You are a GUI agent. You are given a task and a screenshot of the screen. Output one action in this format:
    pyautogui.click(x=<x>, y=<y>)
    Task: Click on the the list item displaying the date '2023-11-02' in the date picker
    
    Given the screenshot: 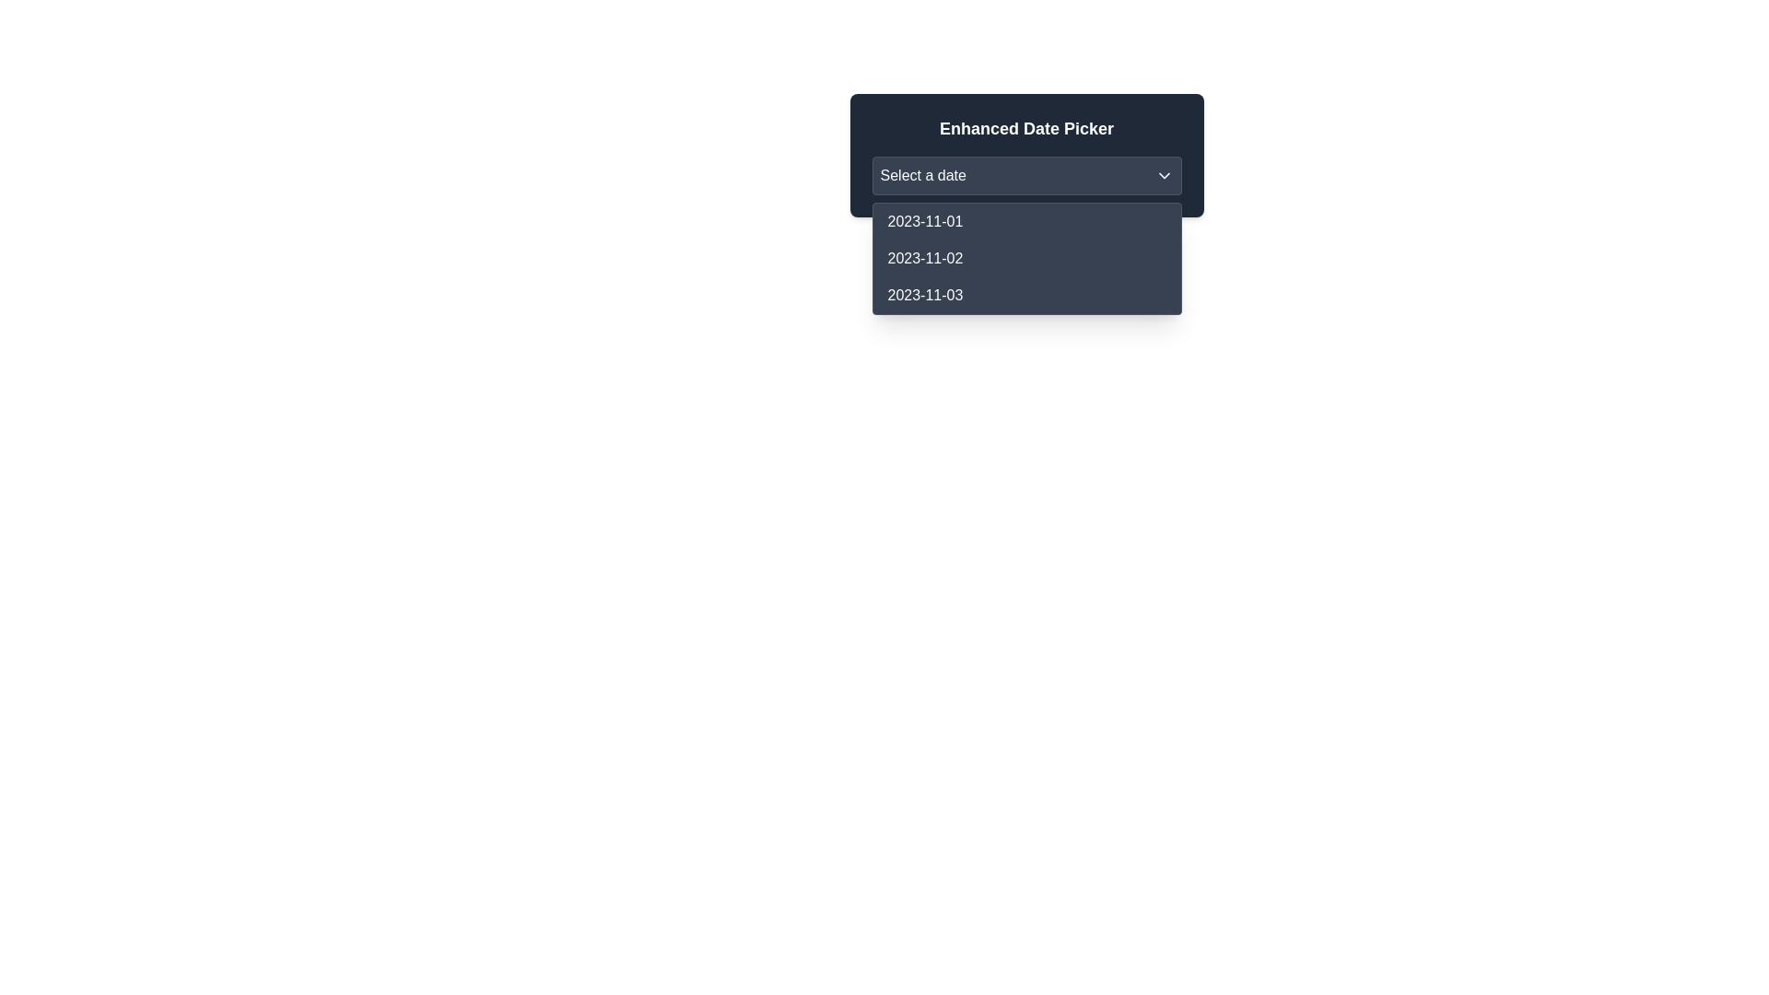 What is the action you would take?
    pyautogui.click(x=1025, y=259)
    